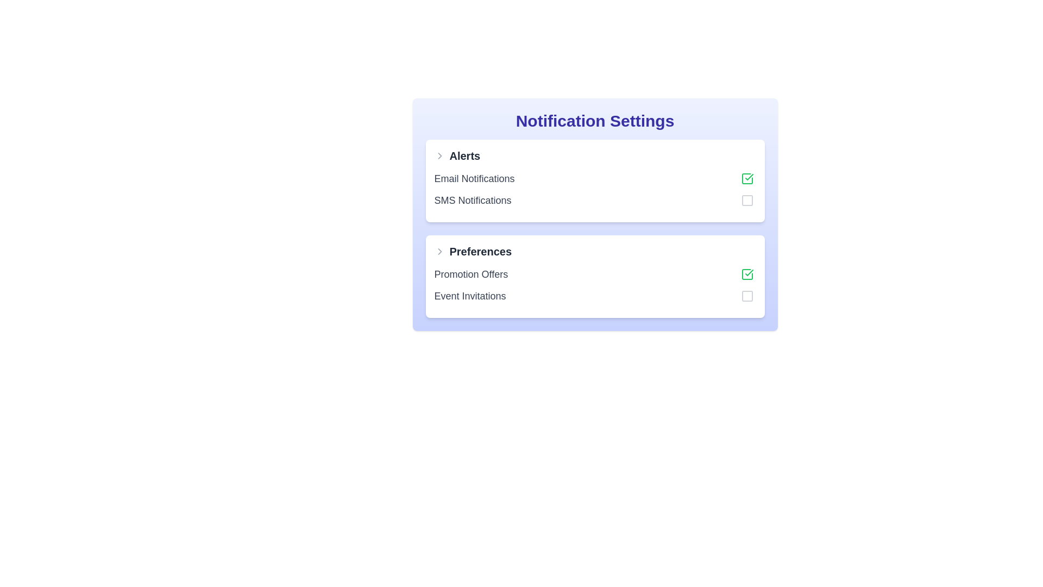  I want to click on the green checkmark icon in the 'Notification Settings' panel, which symbolizes an enabled state, so click(746, 178).